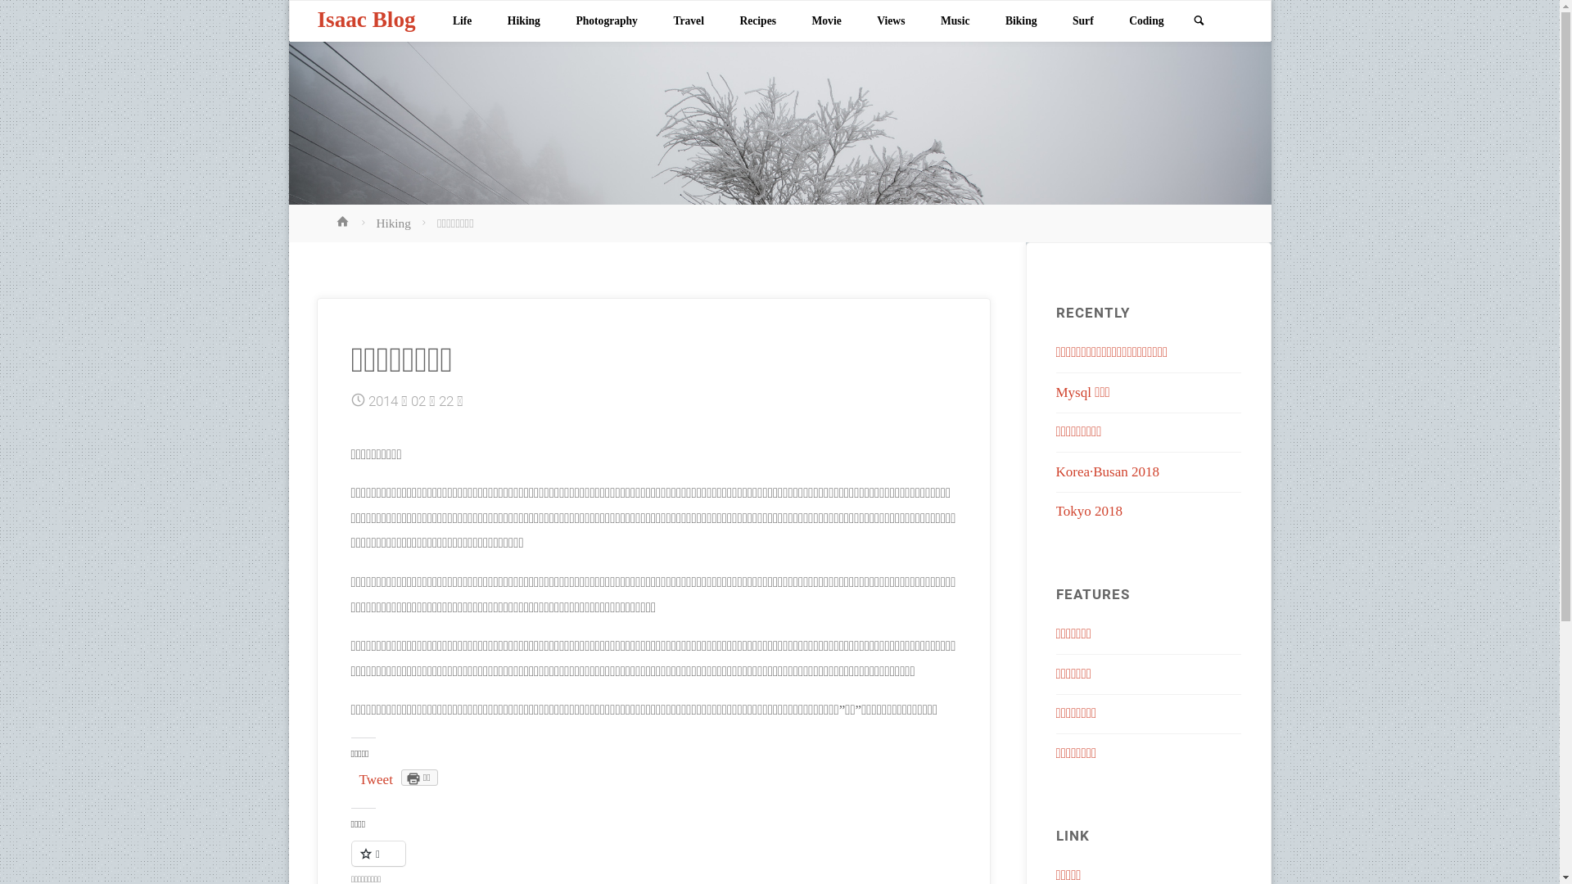 This screenshot has width=1572, height=884. What do you see at coordinates (757, 21) in the screenshot?
I see `'Recipes'` at bounding box center [757, 21].